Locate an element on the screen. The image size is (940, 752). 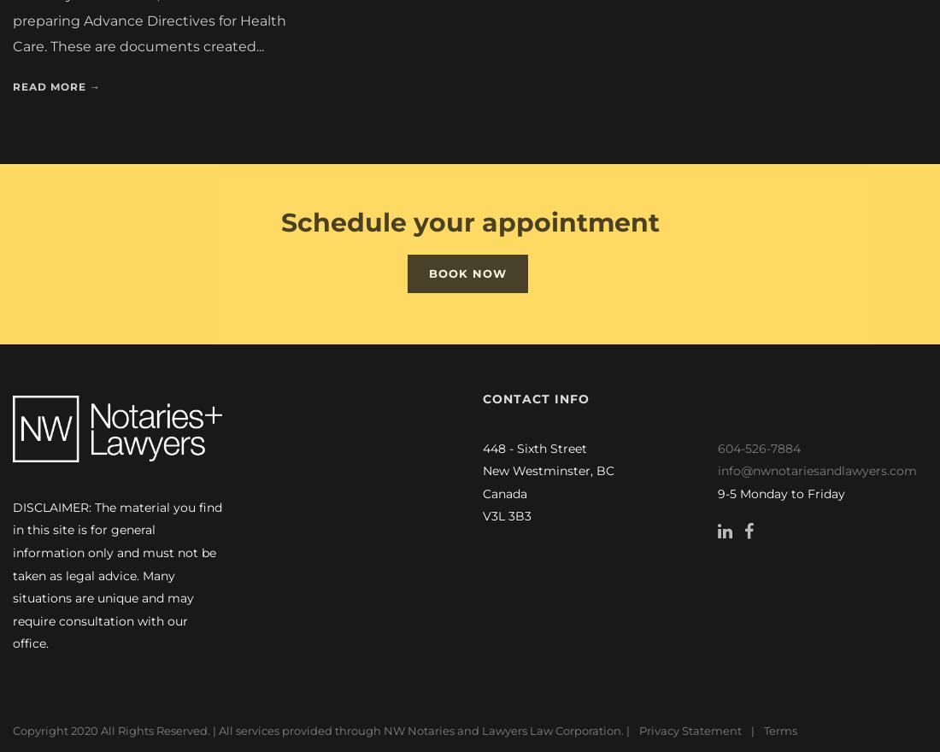
'448 - Sixth Street' is located at coordinates (481, 447).